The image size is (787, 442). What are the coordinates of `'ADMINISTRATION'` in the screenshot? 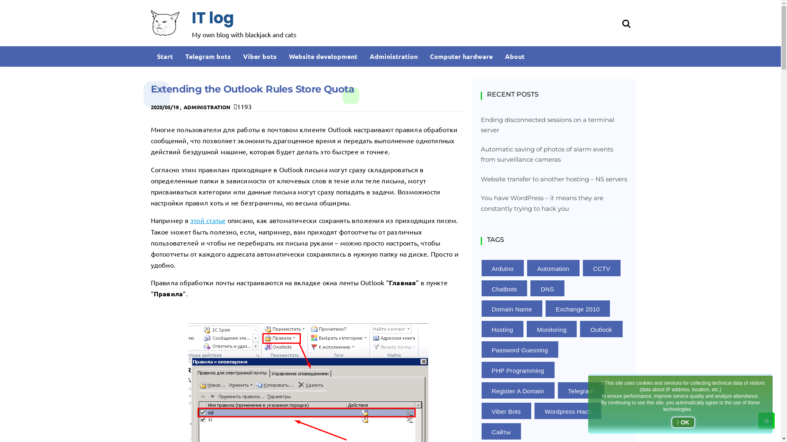 It's located at (207, 106).